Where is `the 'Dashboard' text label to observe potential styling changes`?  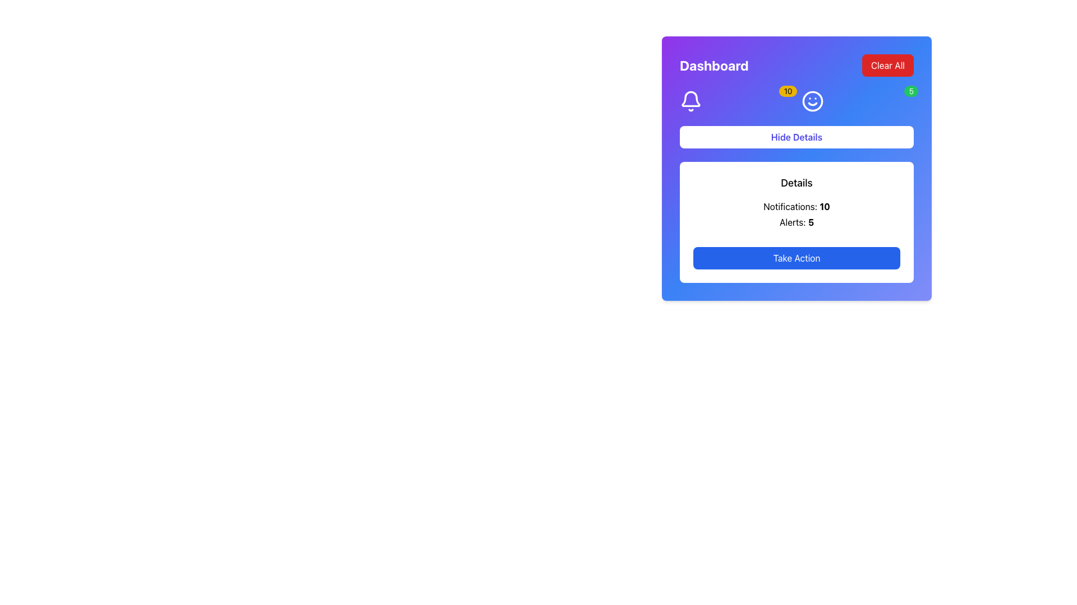
the 'Dashboard' text label to observe potential styling changes is located at coordinates (714, 65).